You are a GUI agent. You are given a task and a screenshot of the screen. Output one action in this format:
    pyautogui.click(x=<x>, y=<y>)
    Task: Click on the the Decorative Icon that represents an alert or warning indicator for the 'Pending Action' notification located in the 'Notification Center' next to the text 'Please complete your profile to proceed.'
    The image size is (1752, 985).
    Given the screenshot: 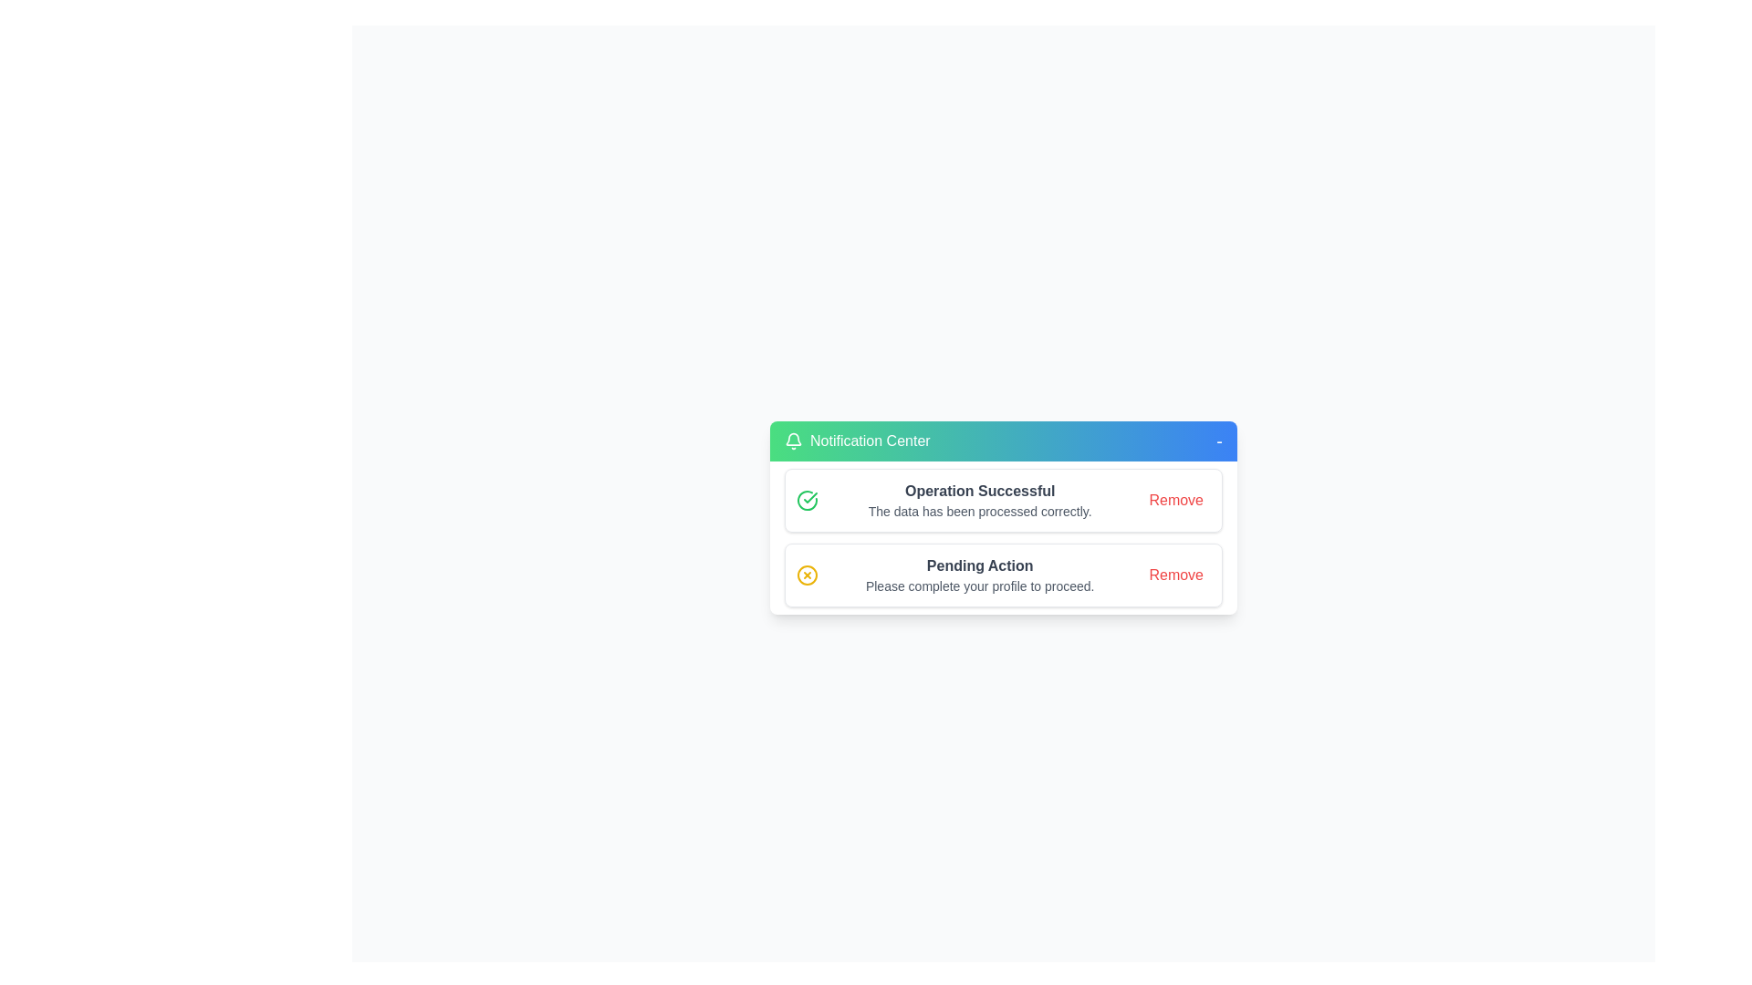 What is the action you would take?
    pyautogui.click(x=806, y=575)
    